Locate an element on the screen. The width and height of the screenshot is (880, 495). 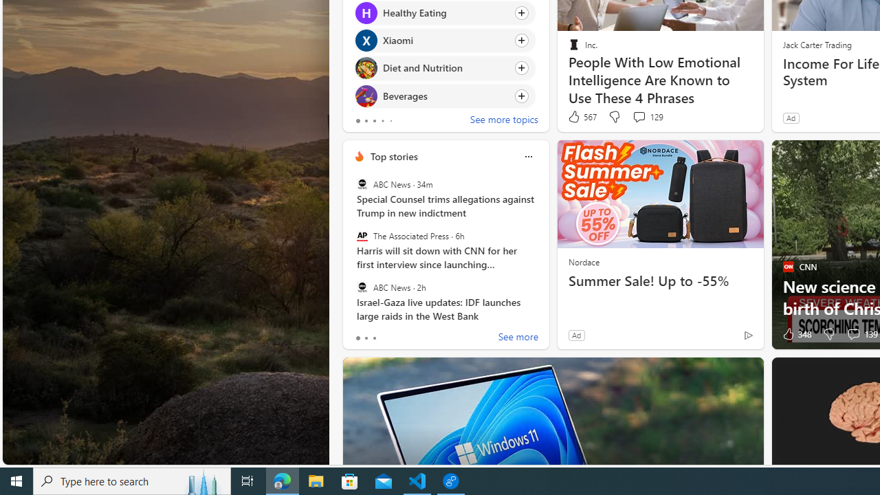
'Top stories' is located at coordinates (393, 155).